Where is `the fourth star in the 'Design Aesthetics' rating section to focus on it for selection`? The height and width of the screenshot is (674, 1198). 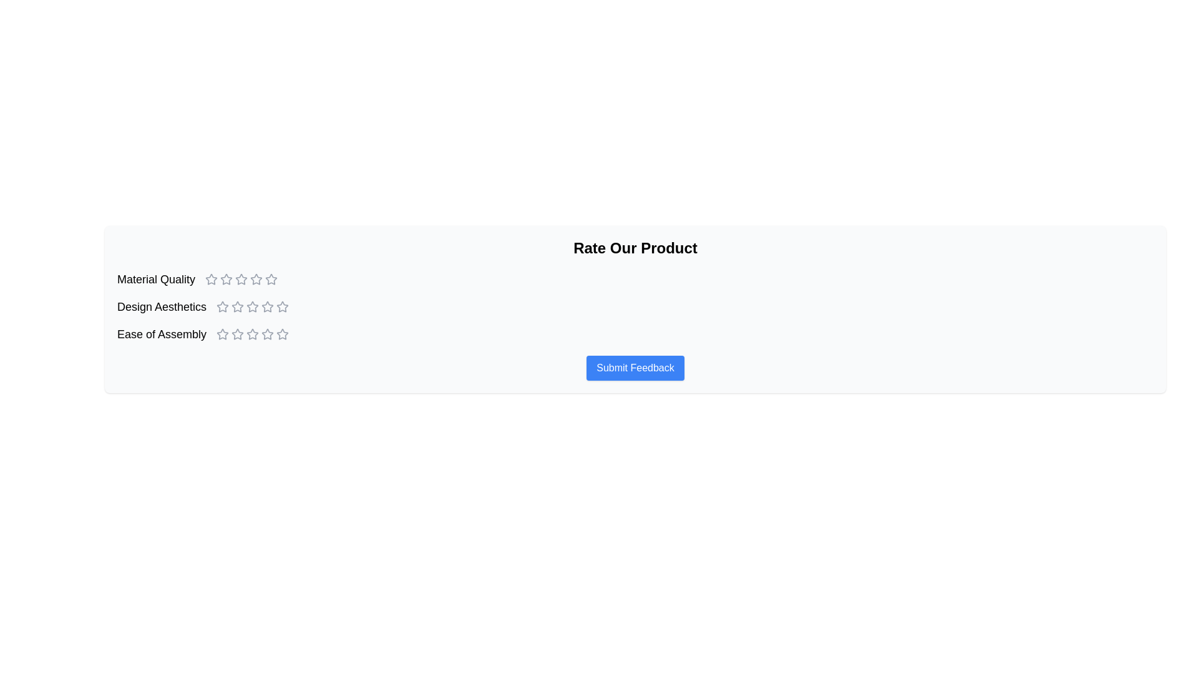
the fourth star in the 'Design Aesthetics' rating section to focus on it for selection is located at coordinates (252, 307).